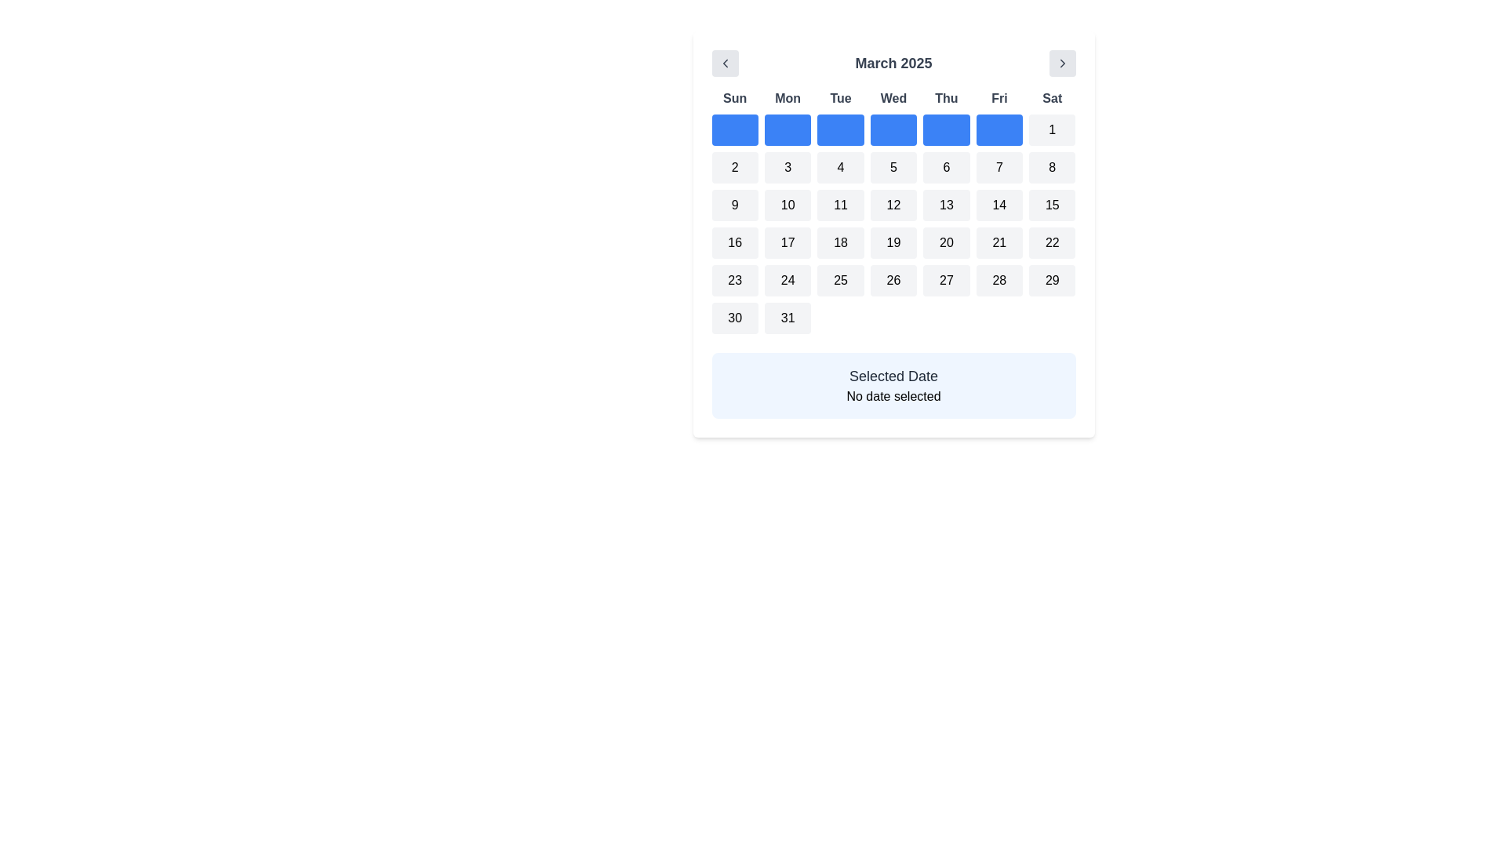  I want to click on the rounded rectangular button with a blue background representing Tuesday in the March 2025 calendar, so click(840, 129).